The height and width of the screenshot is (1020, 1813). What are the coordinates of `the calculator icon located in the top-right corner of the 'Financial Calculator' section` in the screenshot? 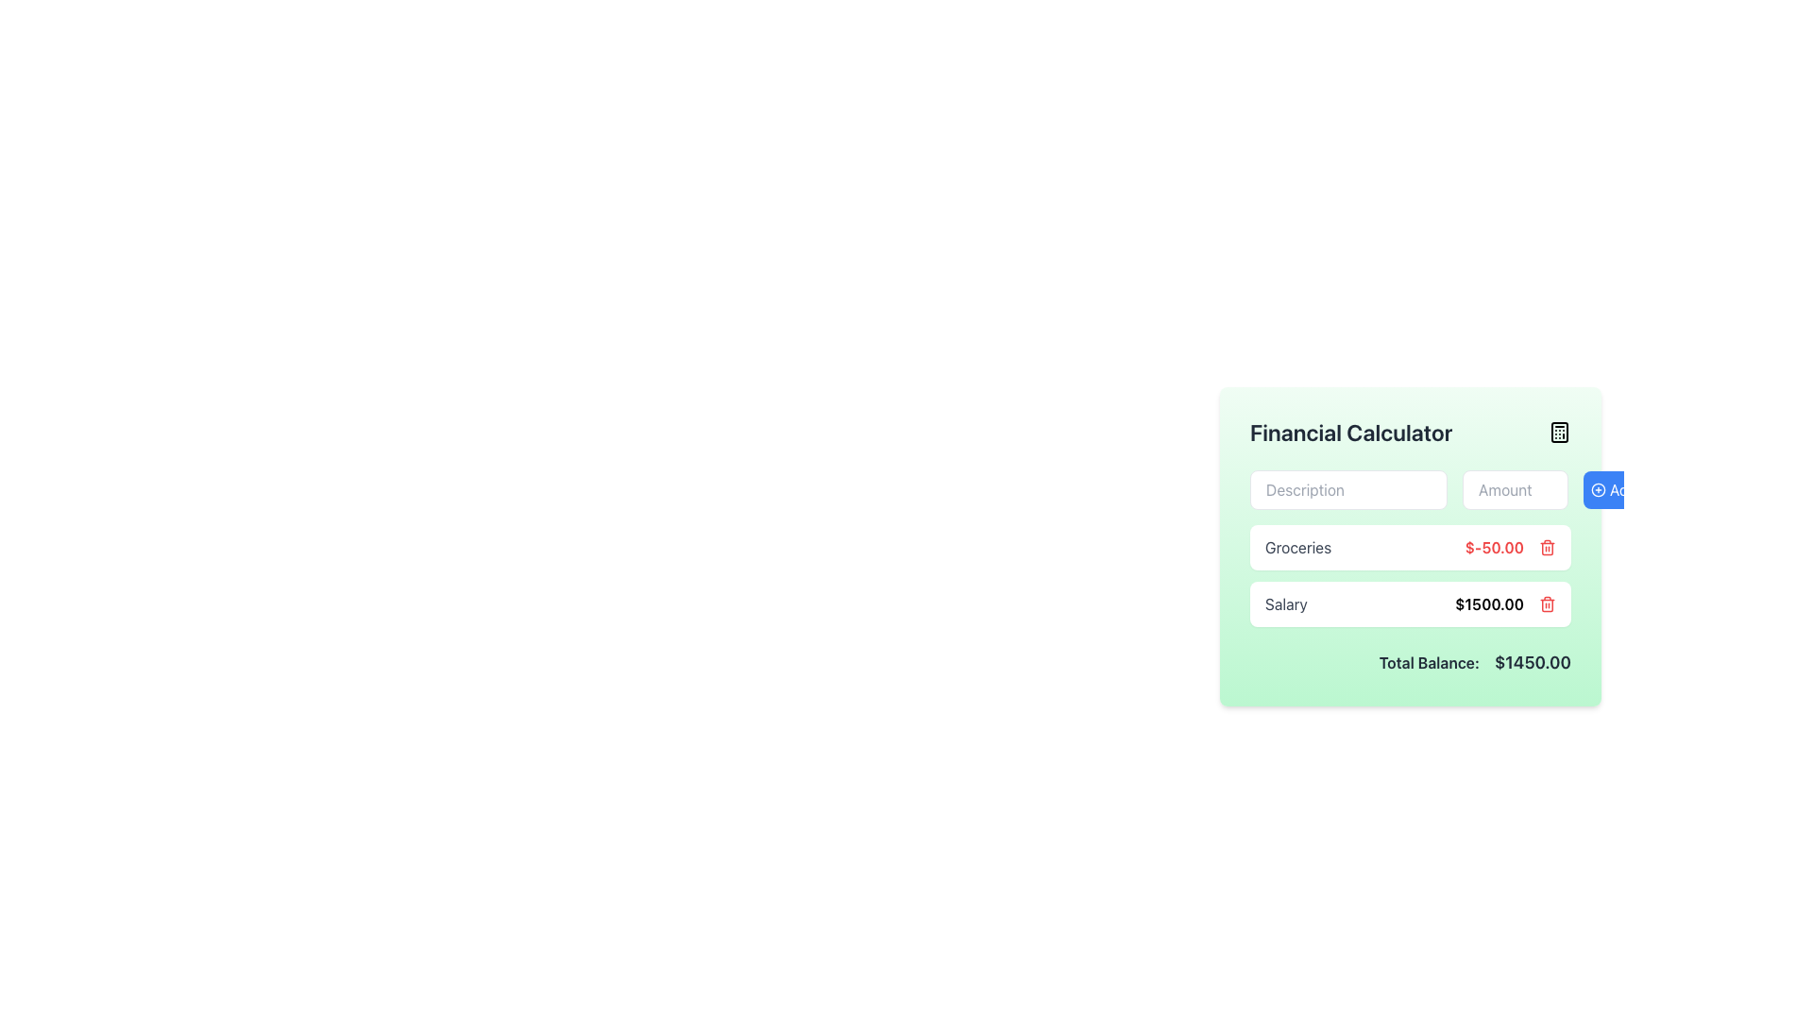 It's located at (1559, 433).